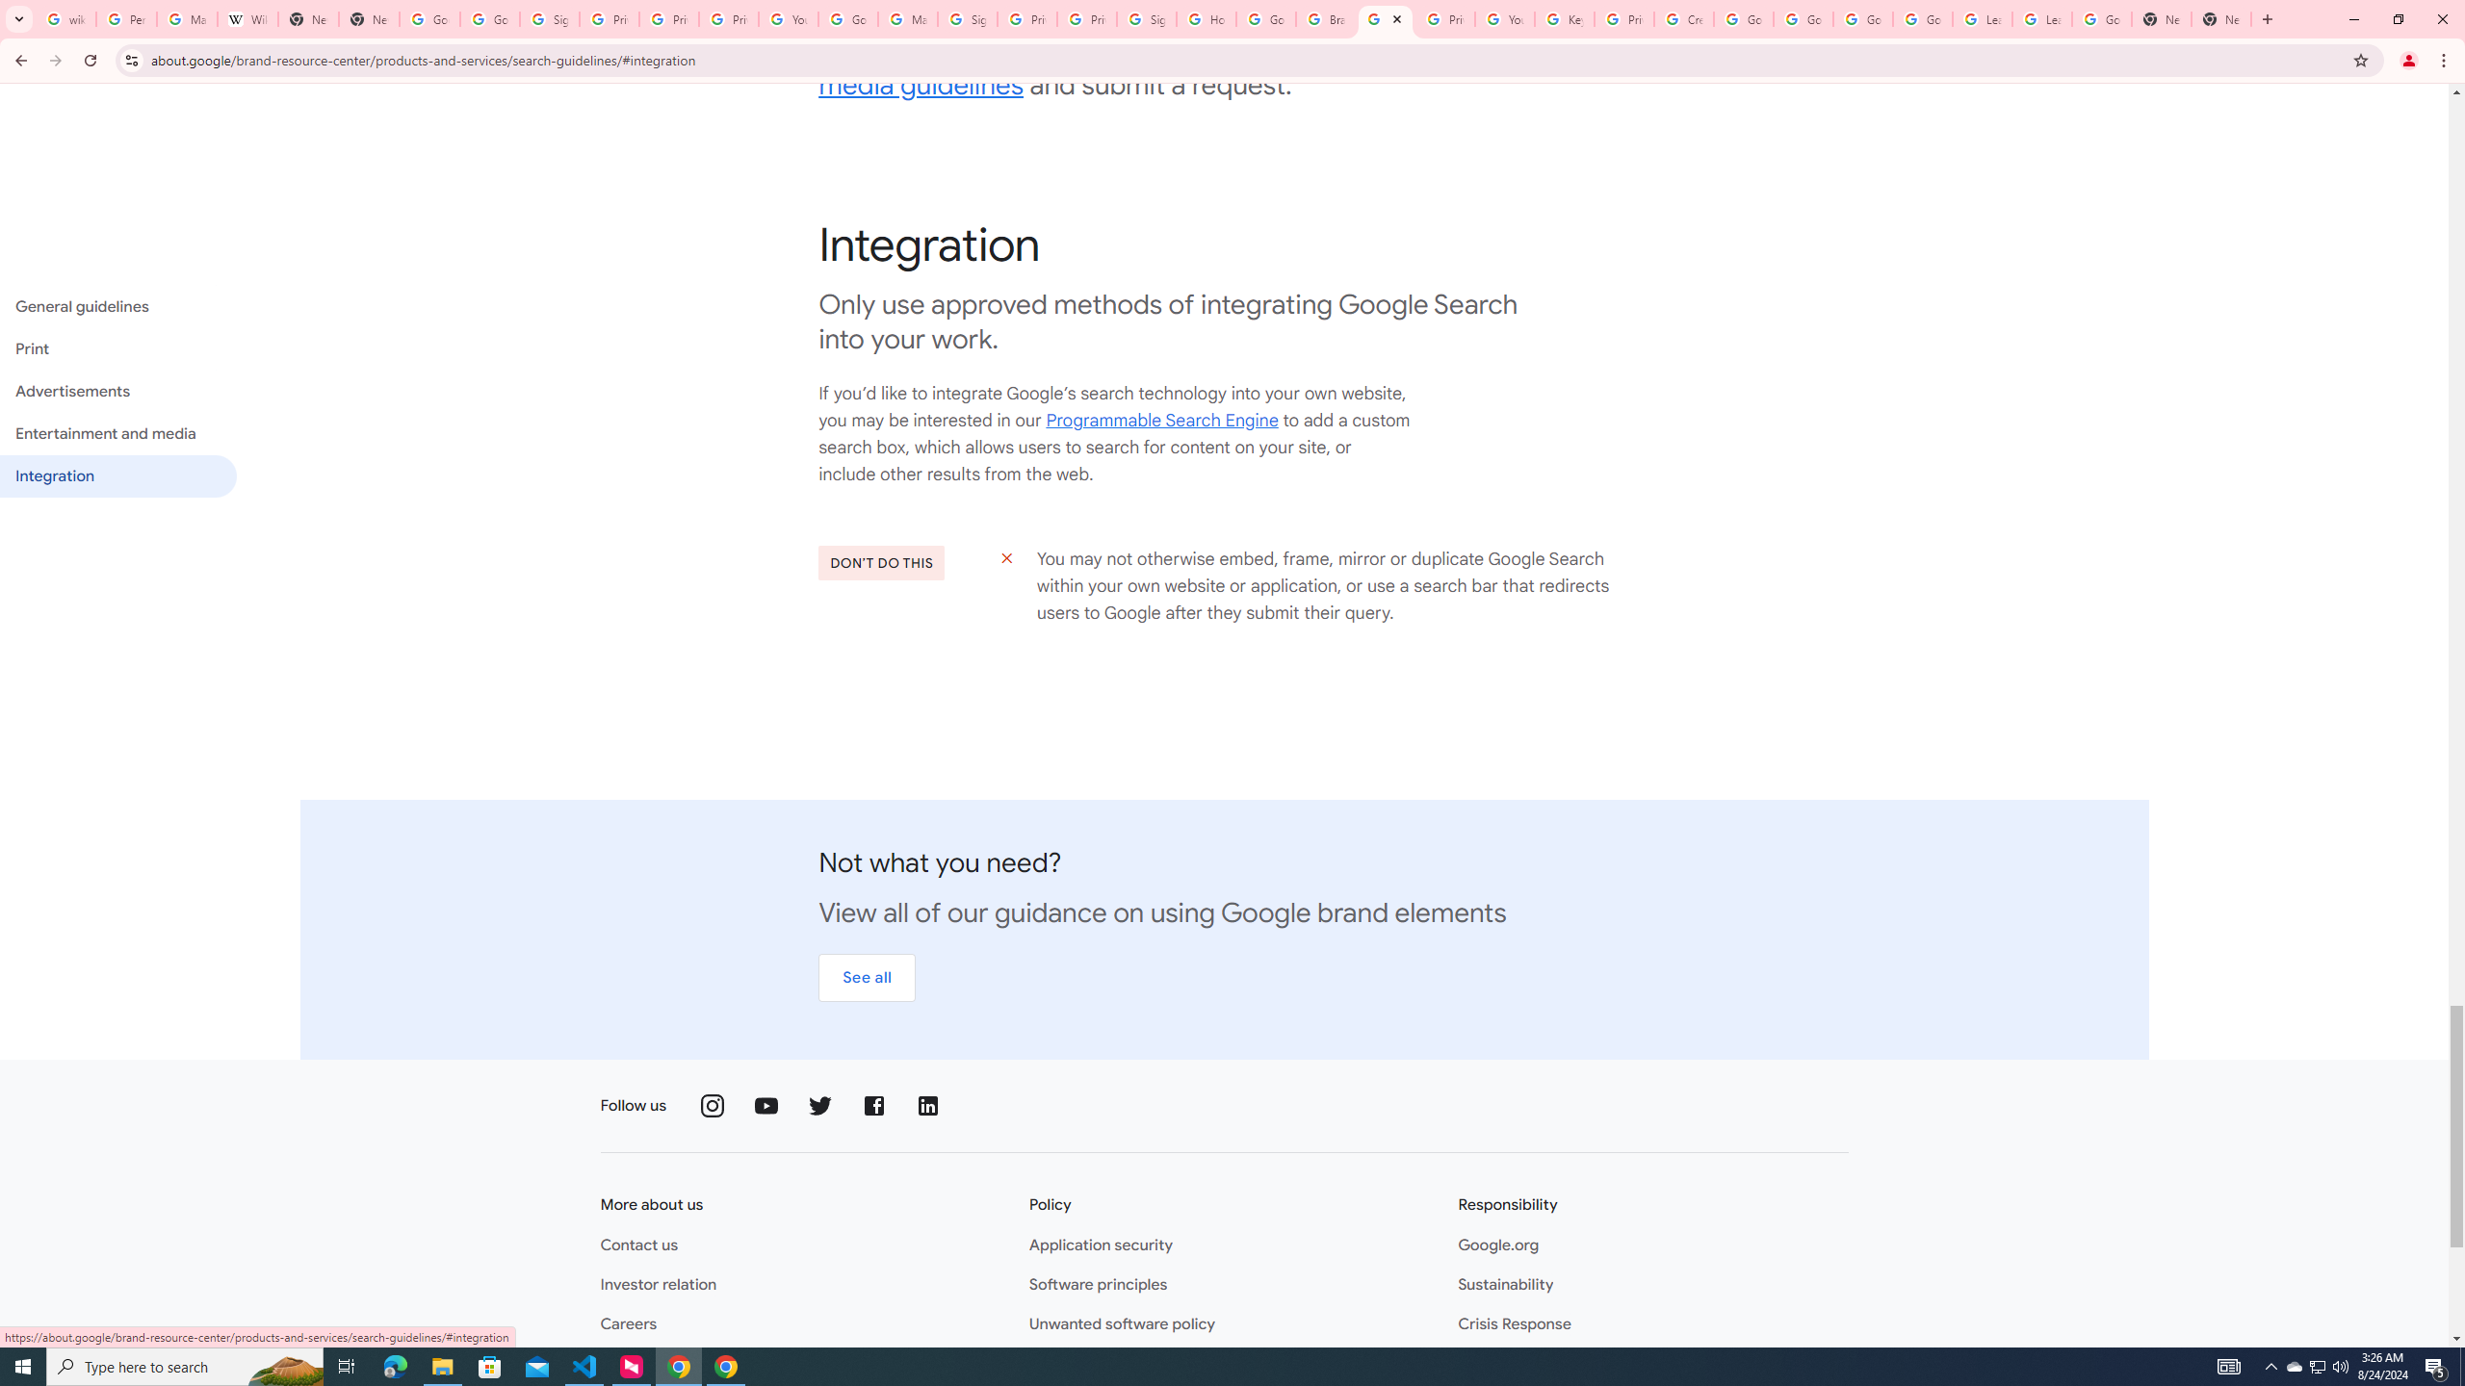  I want to click on 'See all', so click(867, 977).